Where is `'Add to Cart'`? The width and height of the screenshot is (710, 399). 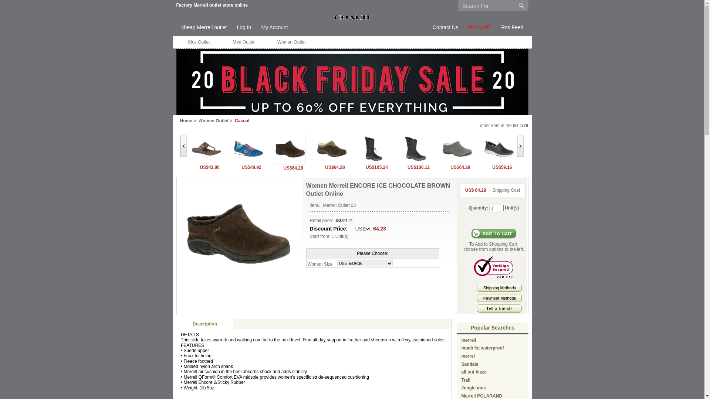 'Add to Cart' is located at coordinates (494, 233).